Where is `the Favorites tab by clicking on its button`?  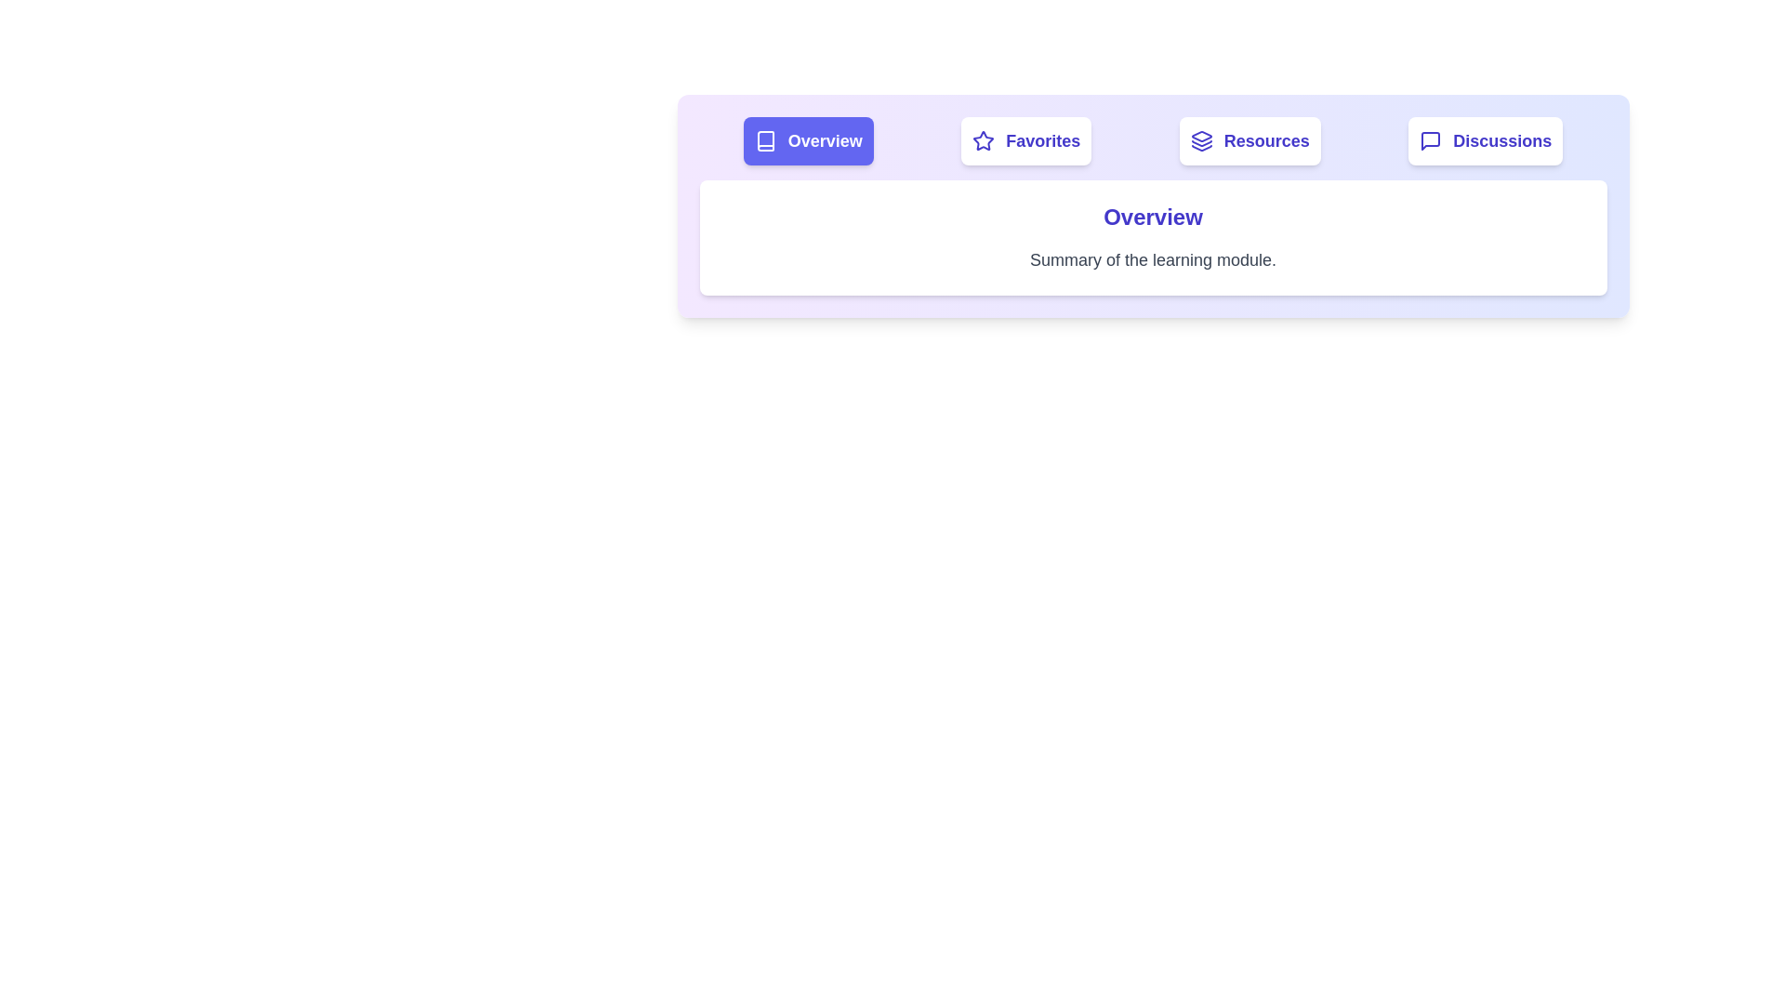 the Favorites tab by clicking on its button is located at coordinates (1025, 139).